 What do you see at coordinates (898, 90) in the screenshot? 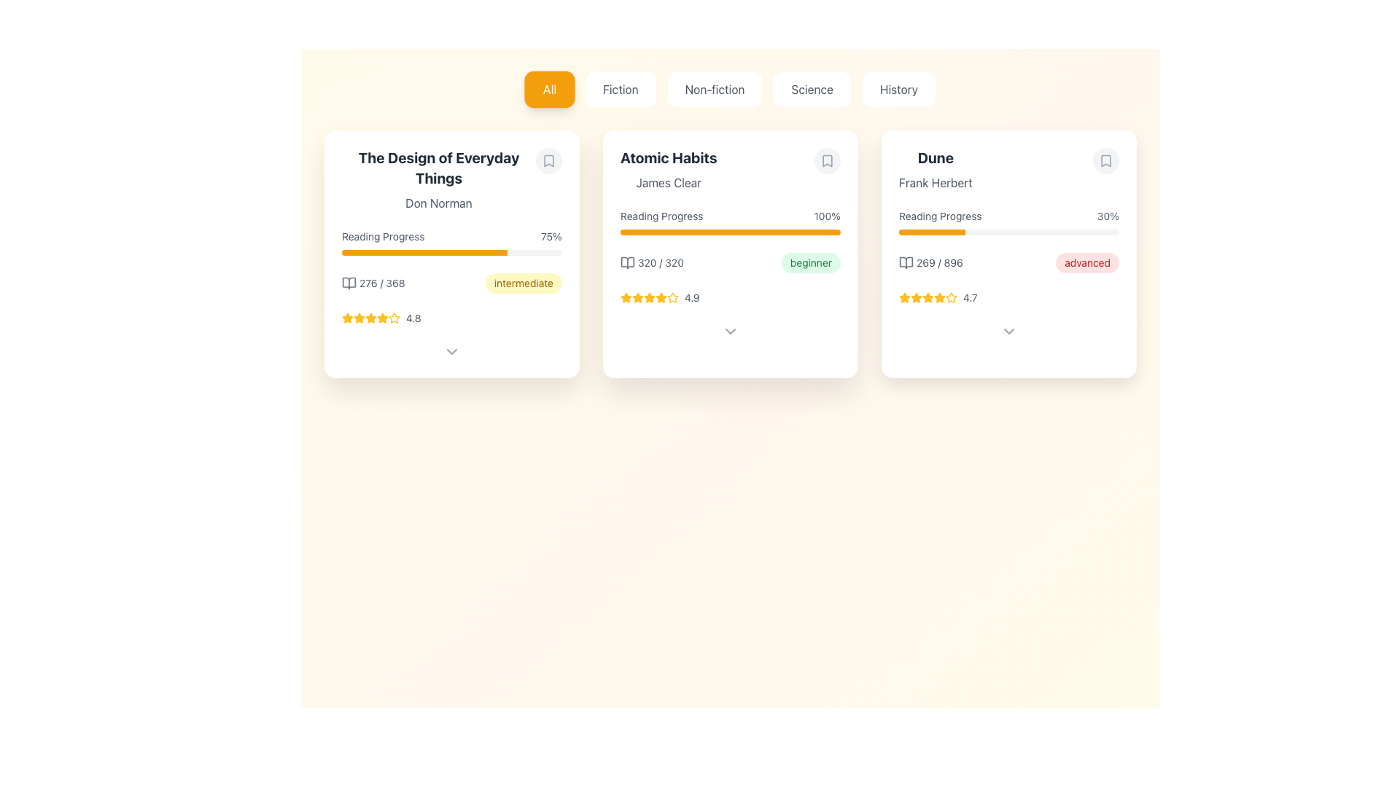
I see `the 'History' category selector button, which is the last item in a horizontal list of category buttons` at bounding box center [898, 90].